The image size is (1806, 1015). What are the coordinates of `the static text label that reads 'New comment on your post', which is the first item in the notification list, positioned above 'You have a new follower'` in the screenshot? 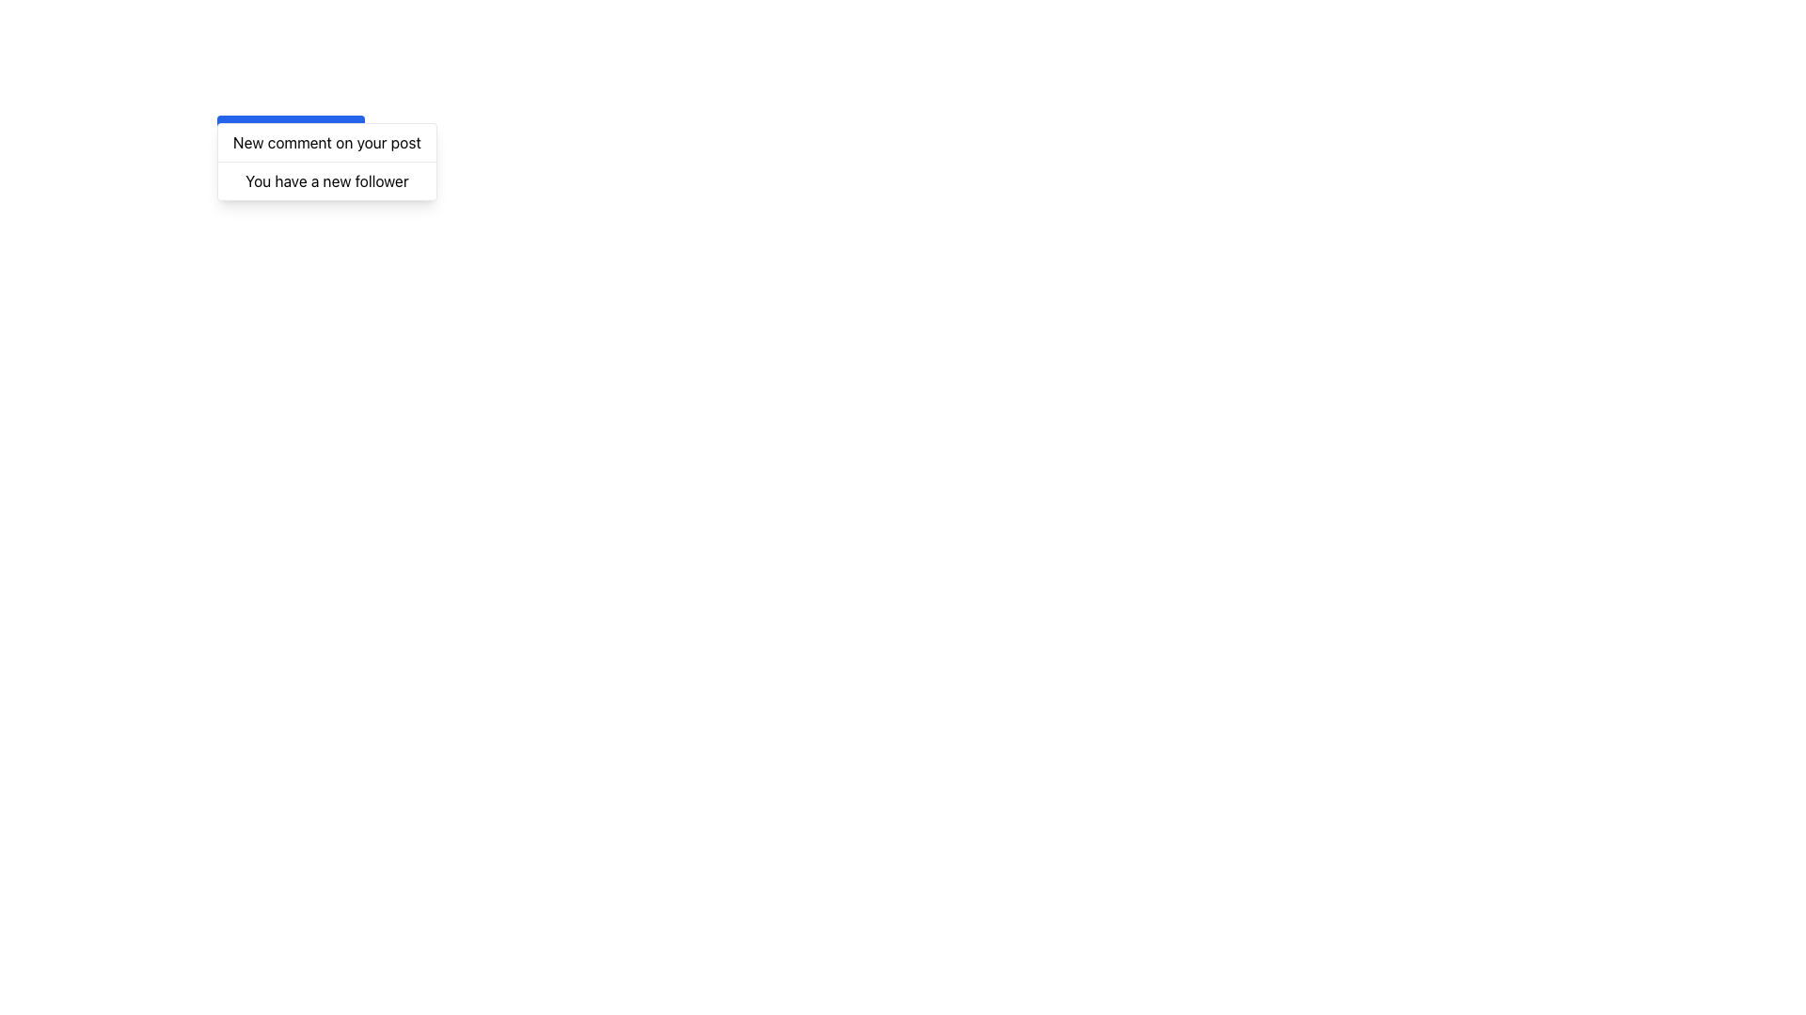 It's located at (326, 141).